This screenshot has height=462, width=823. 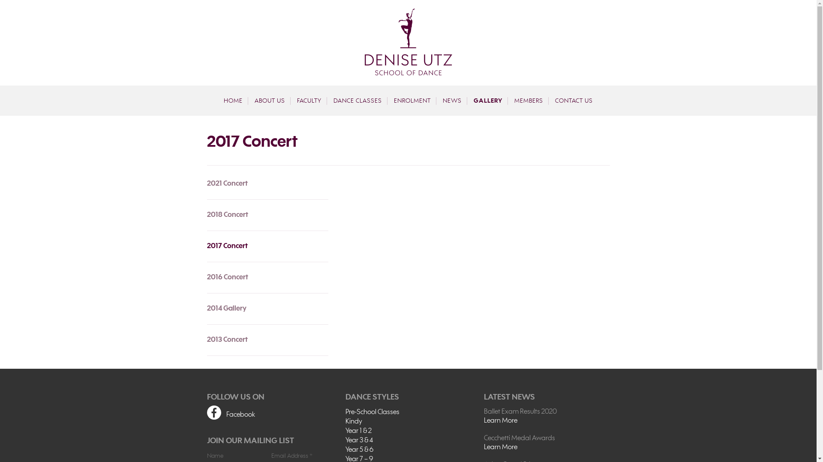 What do you see at coordinates (267, 186) in the screenshot?
I see `'2021 Concert'` at bounding box center [267, 186].